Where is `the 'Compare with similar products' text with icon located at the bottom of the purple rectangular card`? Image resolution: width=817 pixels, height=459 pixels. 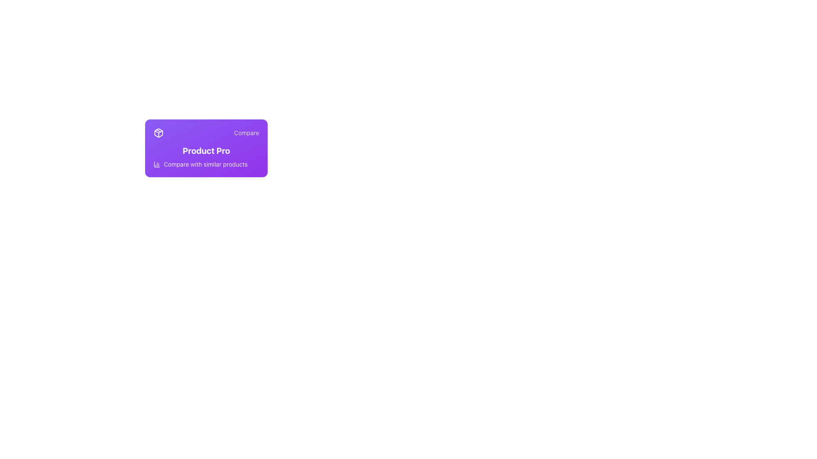 the 'Compare with similar products' text with icon located at the bottom of the purple rectangular card is located at coordinates (206, 164).